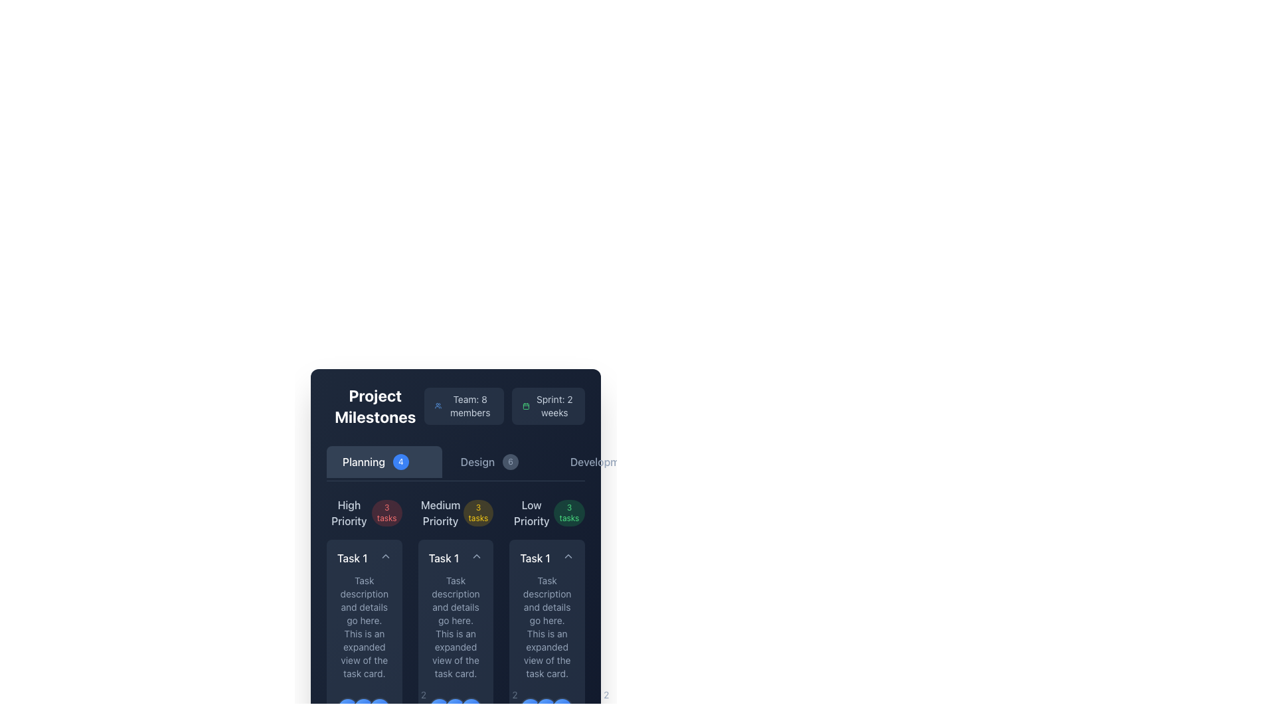 This screenshot has width=1275, height=717. Describe the element at coordinates (352, 558) in the screenshot. I see `the text label that displays the title of a specific task in the 'High Priority' column under the 'Planning' section of the 'Project Milestones' area` at that location.